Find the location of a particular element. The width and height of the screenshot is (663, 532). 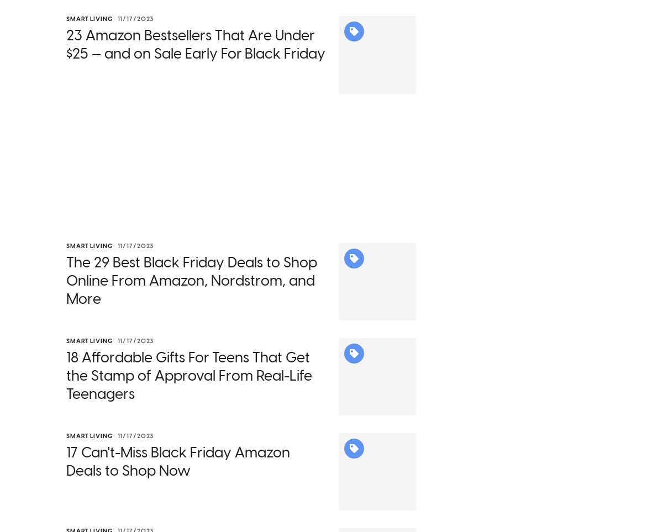

'23 Amazon Bestsellers That Are Under $25 — and on Sale Early For Black Friday' is located at coordinates (196, 59).